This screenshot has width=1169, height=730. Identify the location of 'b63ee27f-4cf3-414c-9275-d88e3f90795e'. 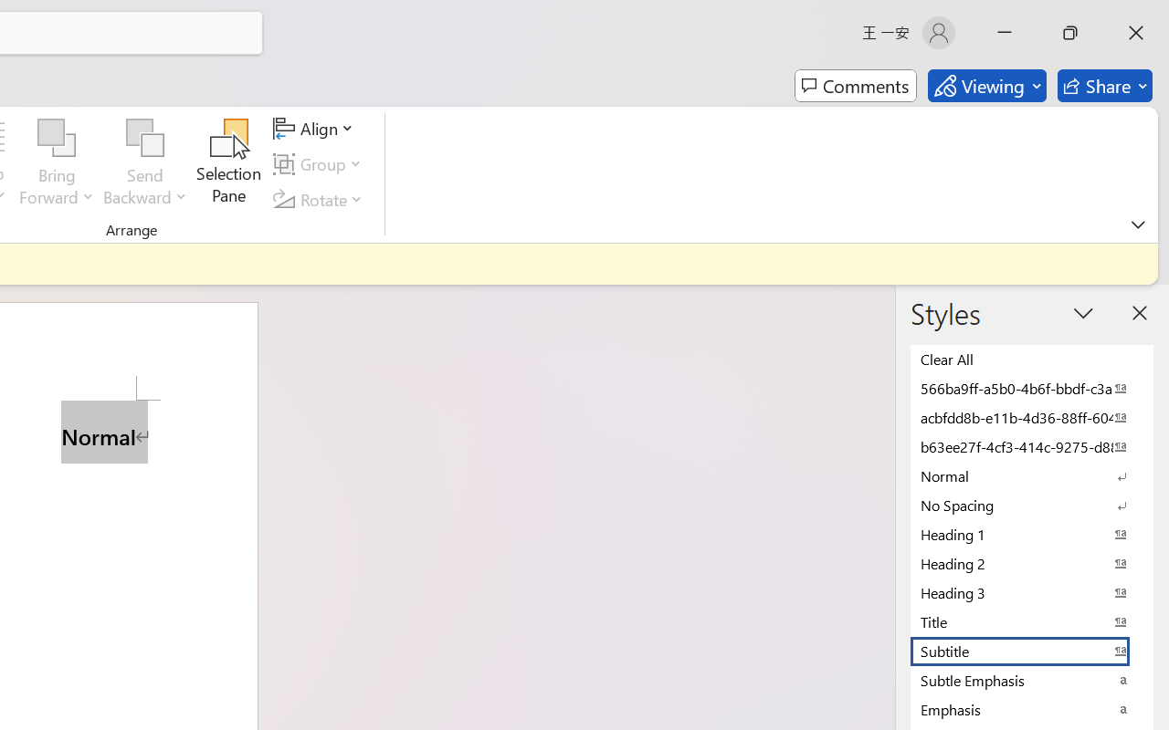
(1032, 446).